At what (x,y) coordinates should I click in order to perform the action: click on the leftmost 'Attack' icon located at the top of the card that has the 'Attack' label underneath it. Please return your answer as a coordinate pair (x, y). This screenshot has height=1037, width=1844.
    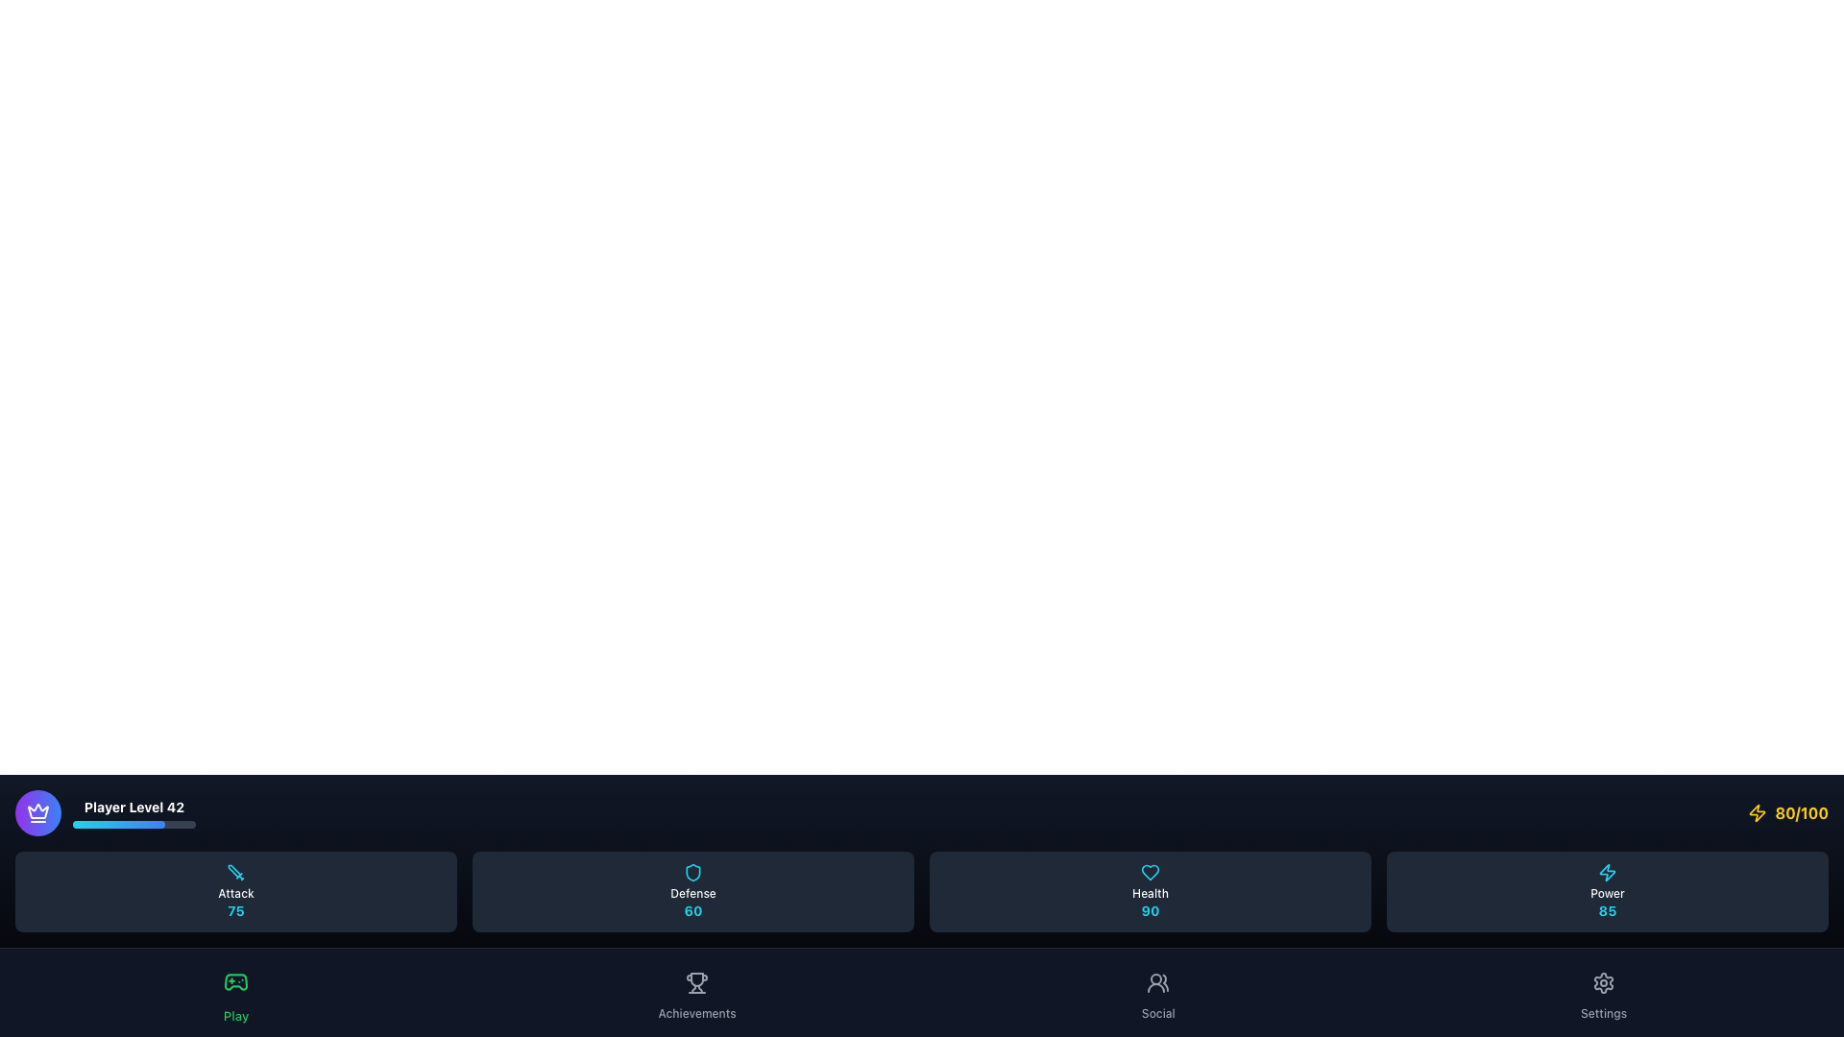
    Looking at the image, I should click on (234, 873).